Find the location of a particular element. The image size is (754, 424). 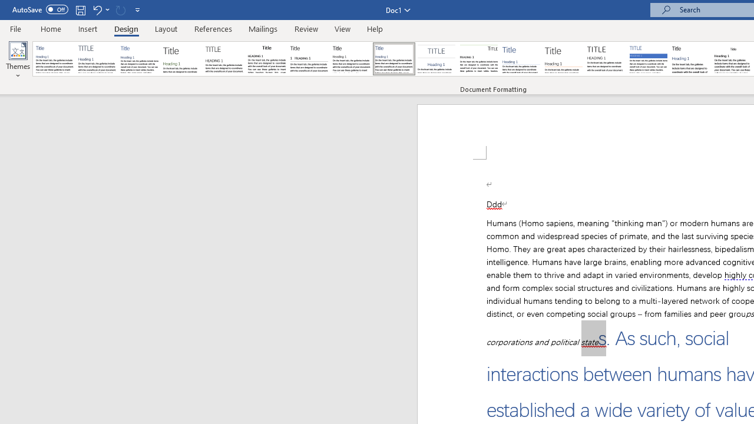

'Black & White (Numbered)' is located at coordinates (309, 59).